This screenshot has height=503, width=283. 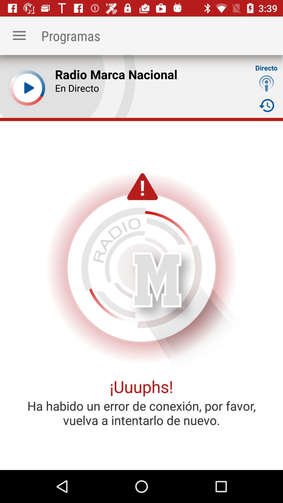 I want to click on the history icon, so click(x=266, y=105).